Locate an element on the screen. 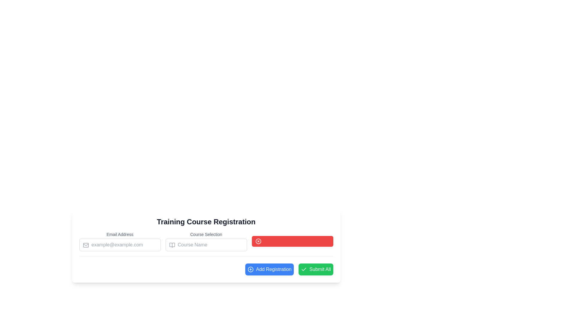  the structured form group containing the input fields for 'Email Address' and 'Course Selection' is located at coordinates (206, 244).